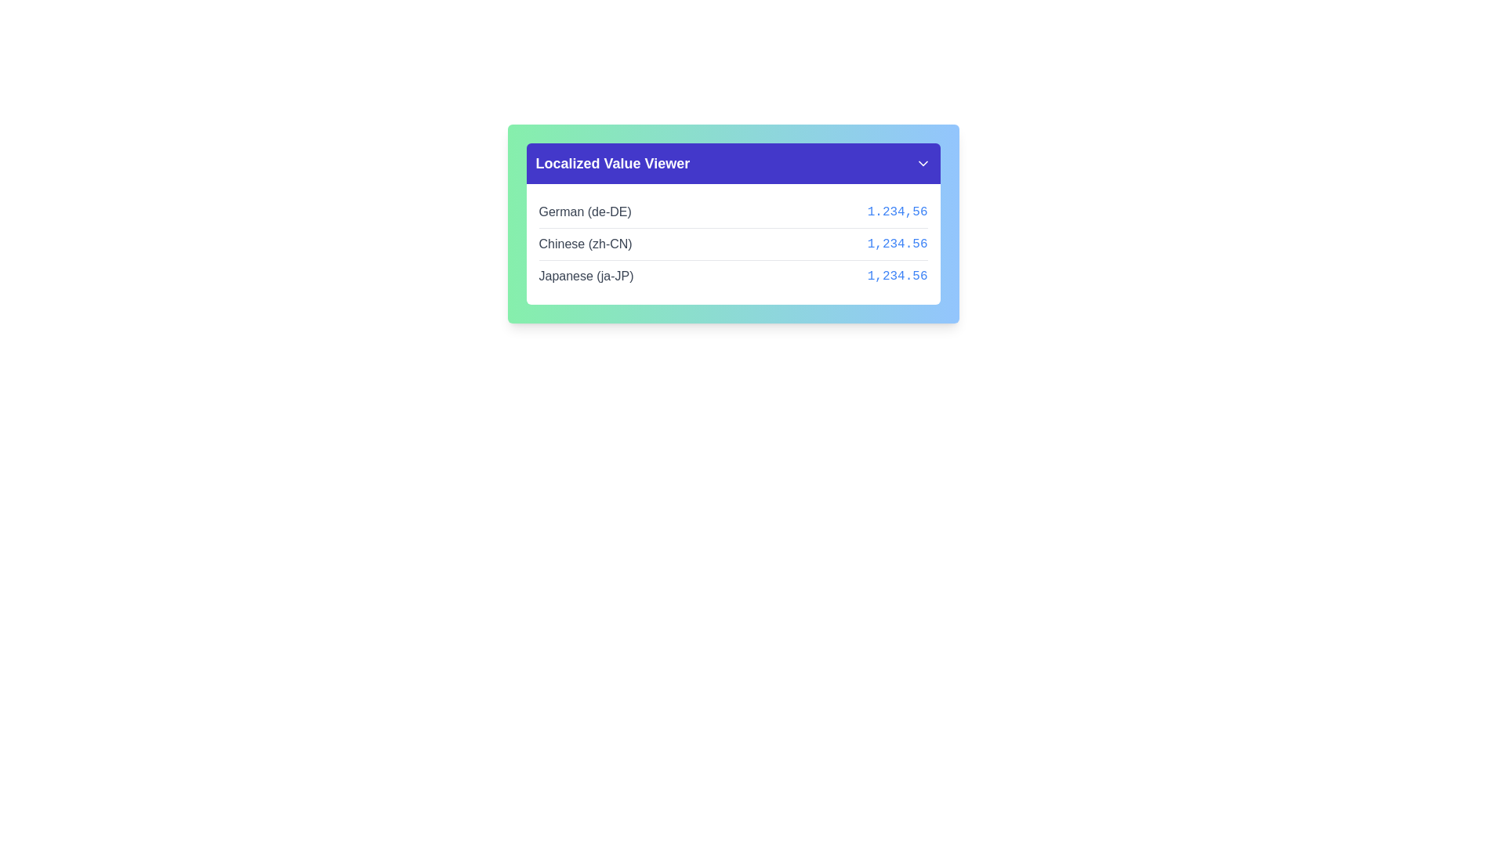 Image resolution: width=1505 pixels, height=846 pixels. Describe the element at coordinates (584, 211) in the screenshot. I see `the static text element displaying 'German (de-DE)' located in the uppermost row of the 'Localized Value Viewer' panel, aligned to the left side` at that location.